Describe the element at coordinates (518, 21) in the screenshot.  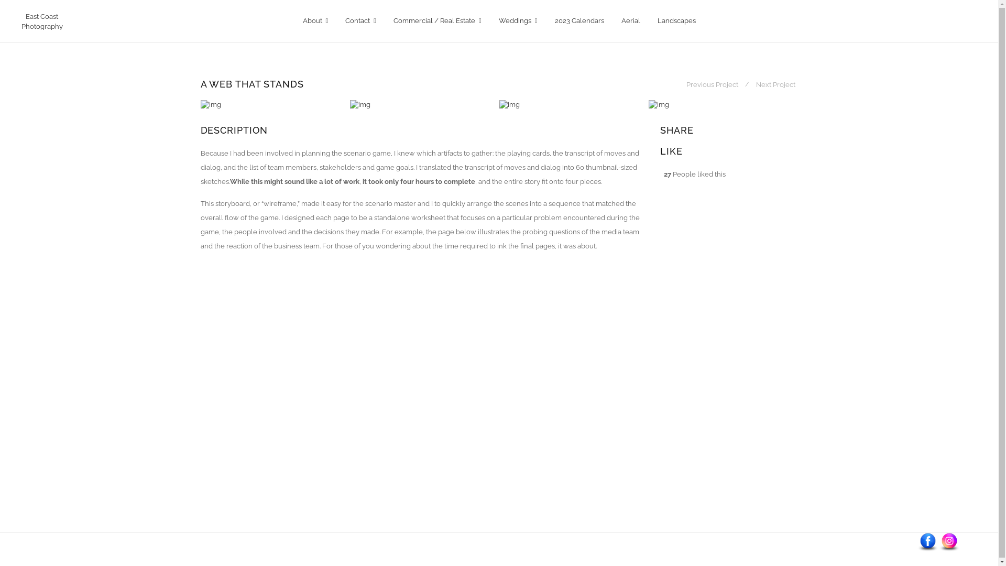
I see `'Weddings'` at that location.